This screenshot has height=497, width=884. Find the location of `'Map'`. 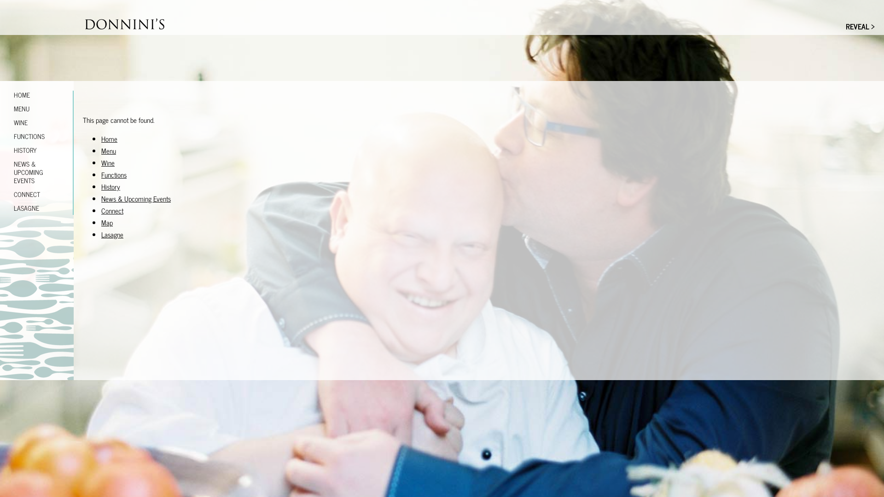

'Map' is located at coordinates (107, 222).